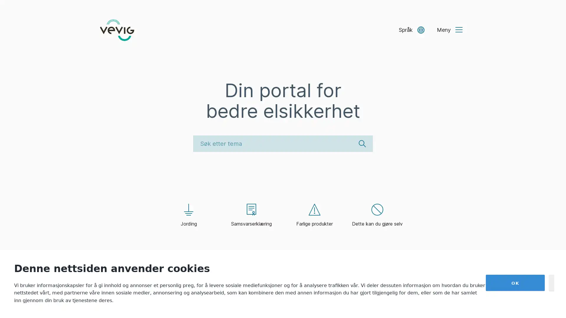  What do you see at coordinates (411, 30) in the screenshot?
I see `Sprak Select Language` at bounding box center [411, 30].